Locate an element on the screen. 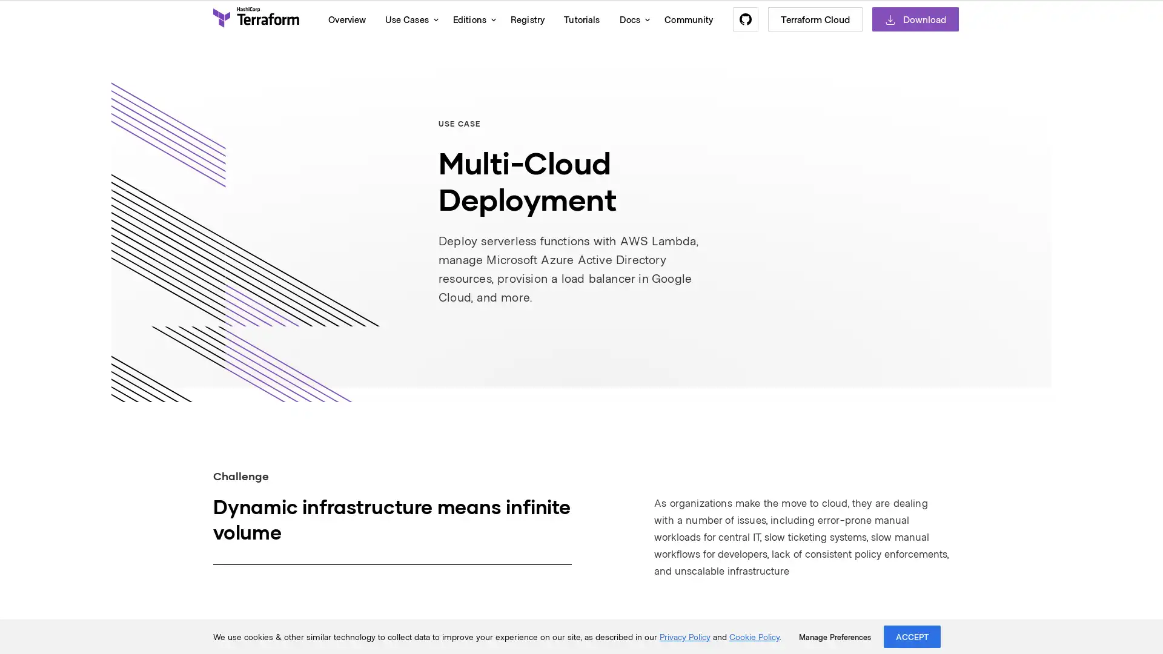  Manage Preferences is located at coordinates (834, 636).